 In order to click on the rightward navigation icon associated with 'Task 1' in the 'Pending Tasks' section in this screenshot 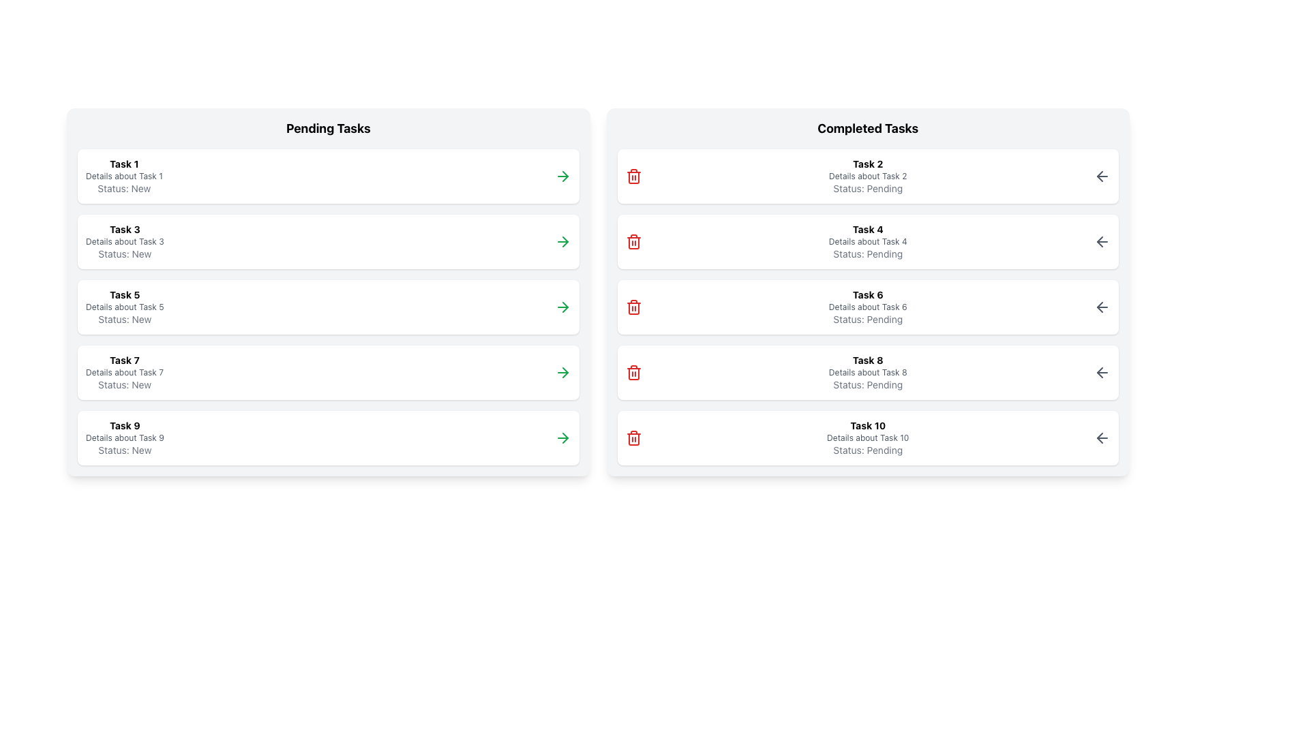, I will do `click(565, 175)`.